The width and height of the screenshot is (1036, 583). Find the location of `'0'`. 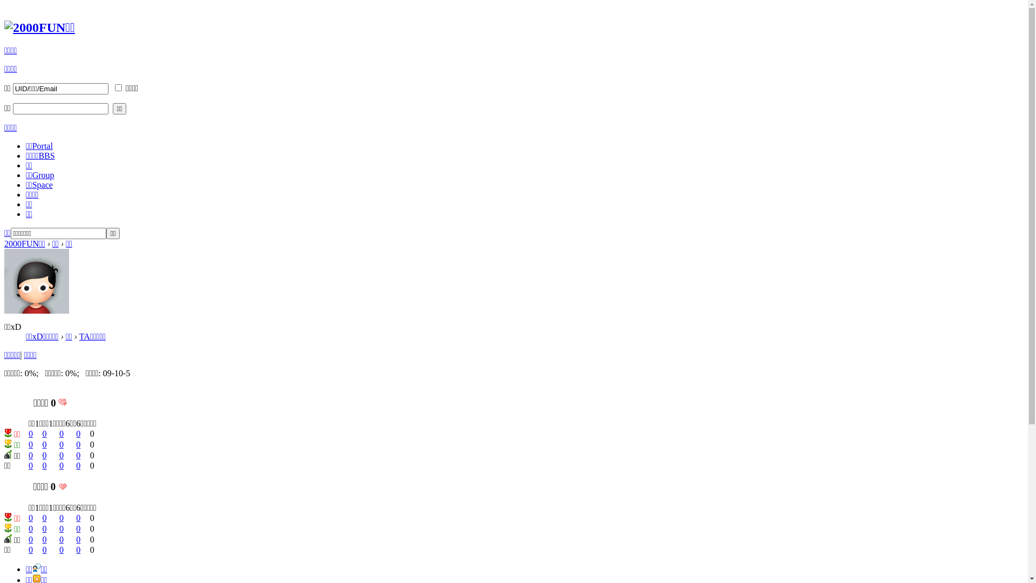

'0' is located at coordinates (61, 444).